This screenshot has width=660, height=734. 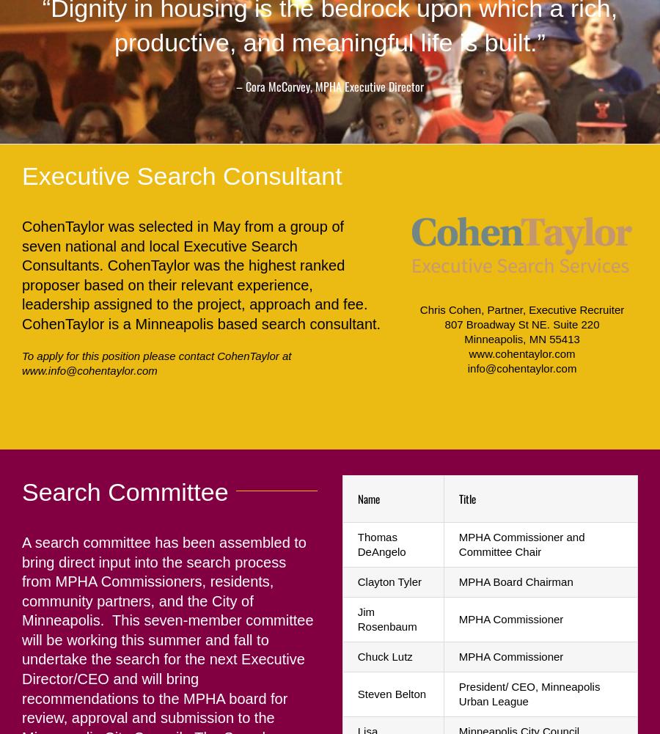 I want to click on 'President/ CEO, Minneapolis Urban League', so click(x=528, y=692).